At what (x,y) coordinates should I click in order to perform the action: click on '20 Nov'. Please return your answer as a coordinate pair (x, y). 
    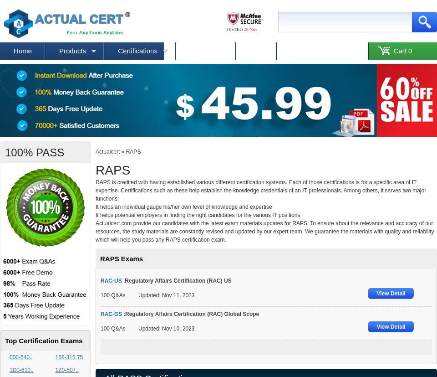
    Looking at the image, I should click on (250, 29).